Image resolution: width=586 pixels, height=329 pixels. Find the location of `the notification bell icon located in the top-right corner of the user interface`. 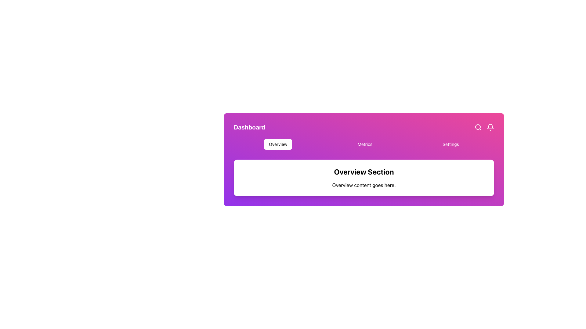

the notification bell icon located in the top-right corner of the user interface is located at coordinates (490, 127).